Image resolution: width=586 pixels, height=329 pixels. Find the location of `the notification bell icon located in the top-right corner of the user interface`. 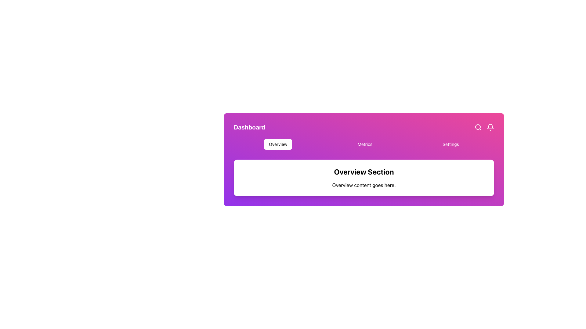

the notification bell icon located in the top-right corner of the user interface is located at coordinates (490, 127).